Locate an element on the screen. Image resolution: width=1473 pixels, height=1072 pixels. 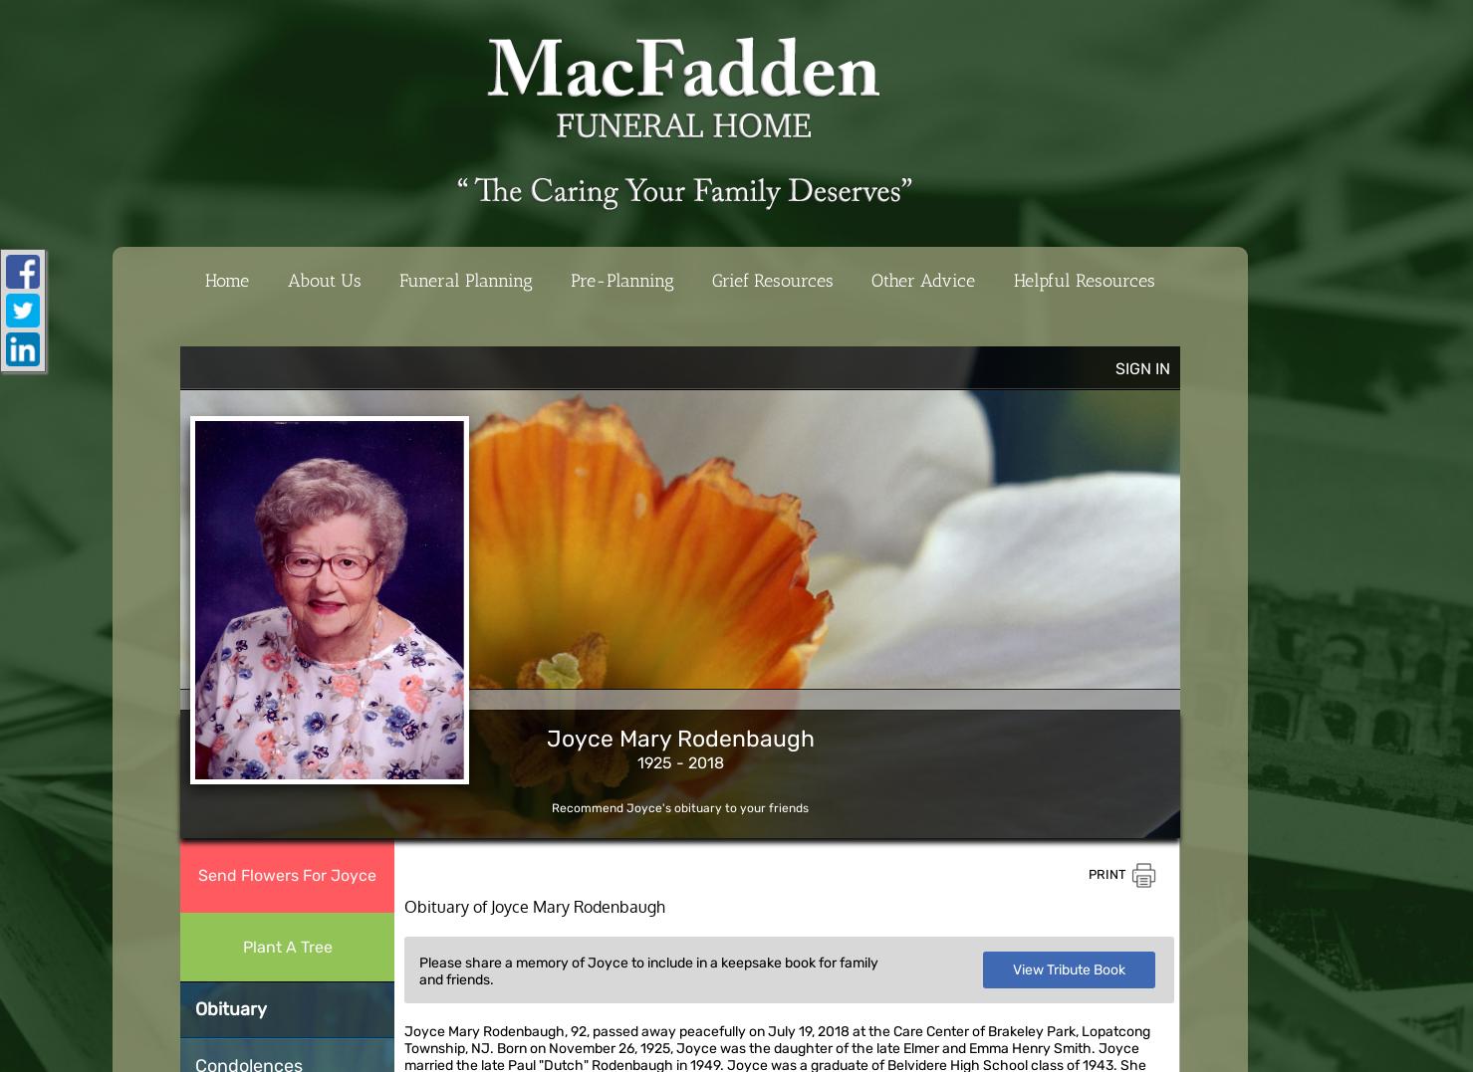
'Please share a memory of Joyce to include in a keepsake book for family and friends.' is located at coordinates (648, 970).